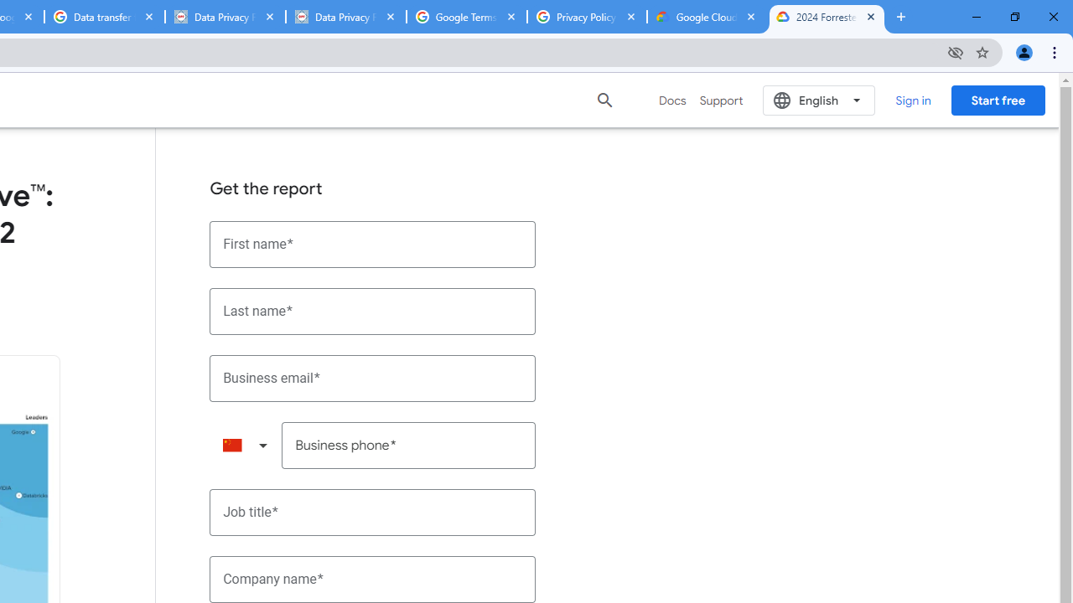 This screenshot has width=1073, height=603. I want to click on 'Calling Code (+86)', so click(244, 445).